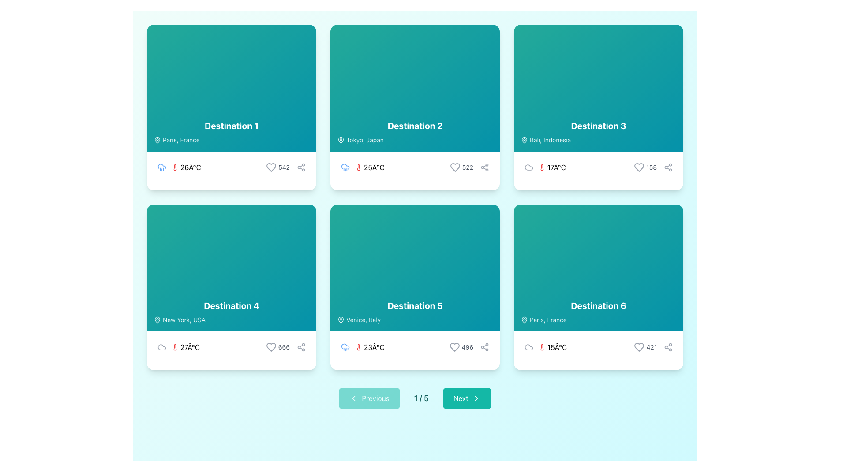  Describe the element at coordinates (529, 167) in the screenshot. I see `the cloud icon representing cloudy weather conditions for 'Destination 3', located to the left of the temperature indicator '17°C'` at that location.